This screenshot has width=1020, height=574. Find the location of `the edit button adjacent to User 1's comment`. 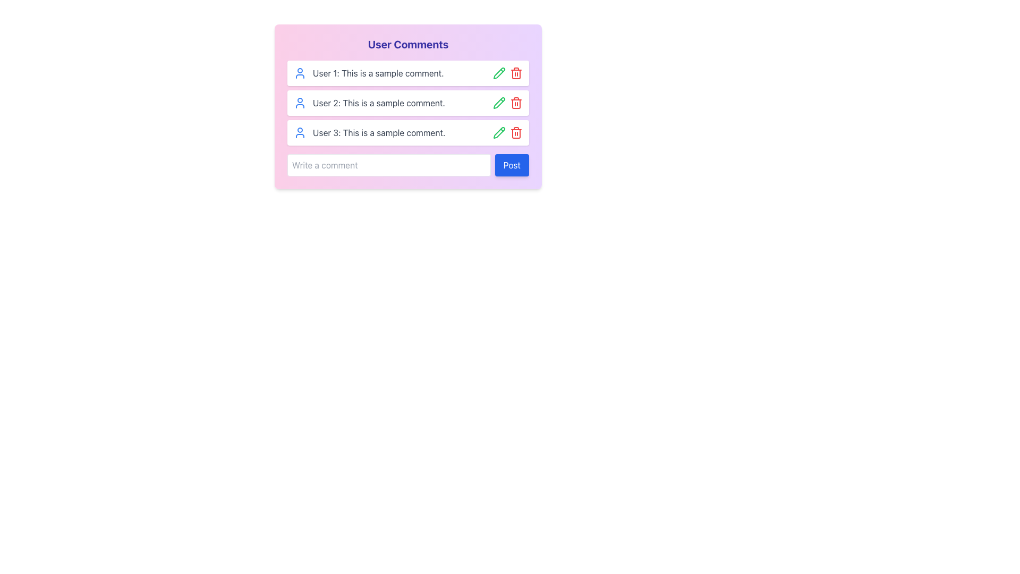

the edit button adjacent to User 1's comment is located at coordinates (499, 103).